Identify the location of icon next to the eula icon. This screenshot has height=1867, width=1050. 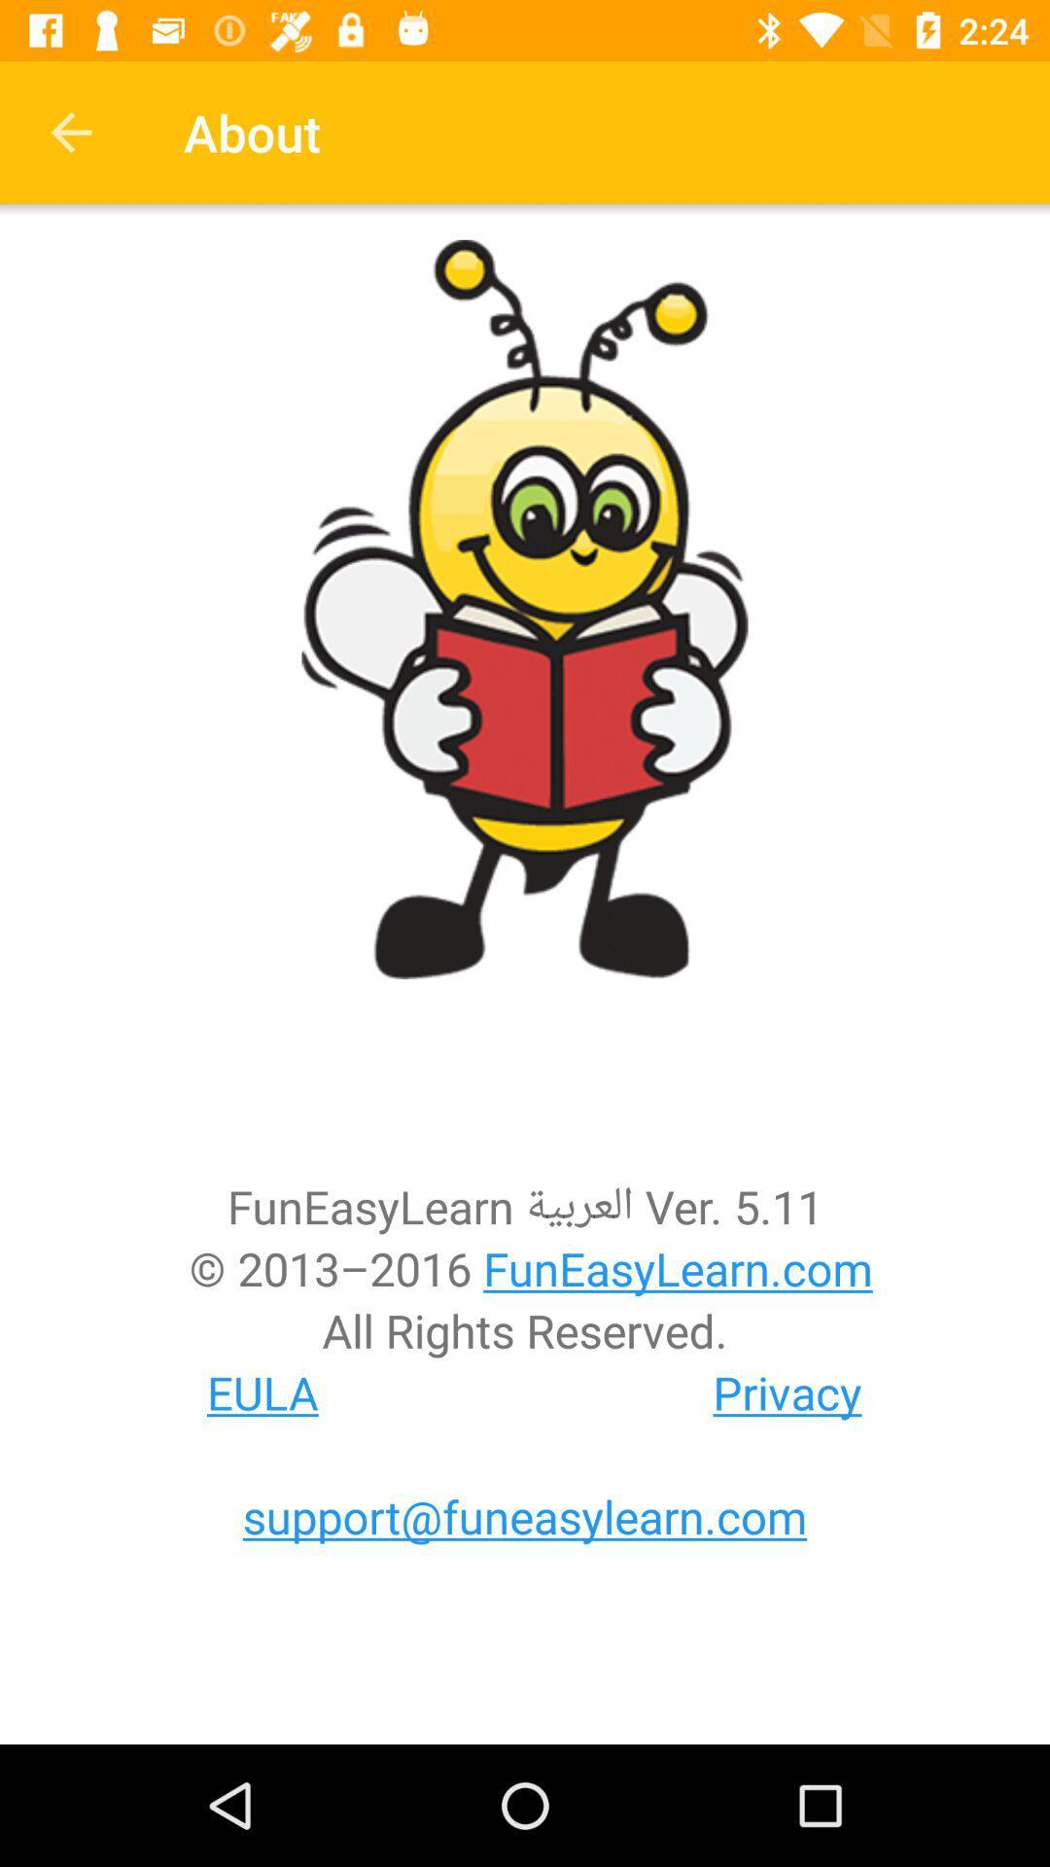
(787, 1391).